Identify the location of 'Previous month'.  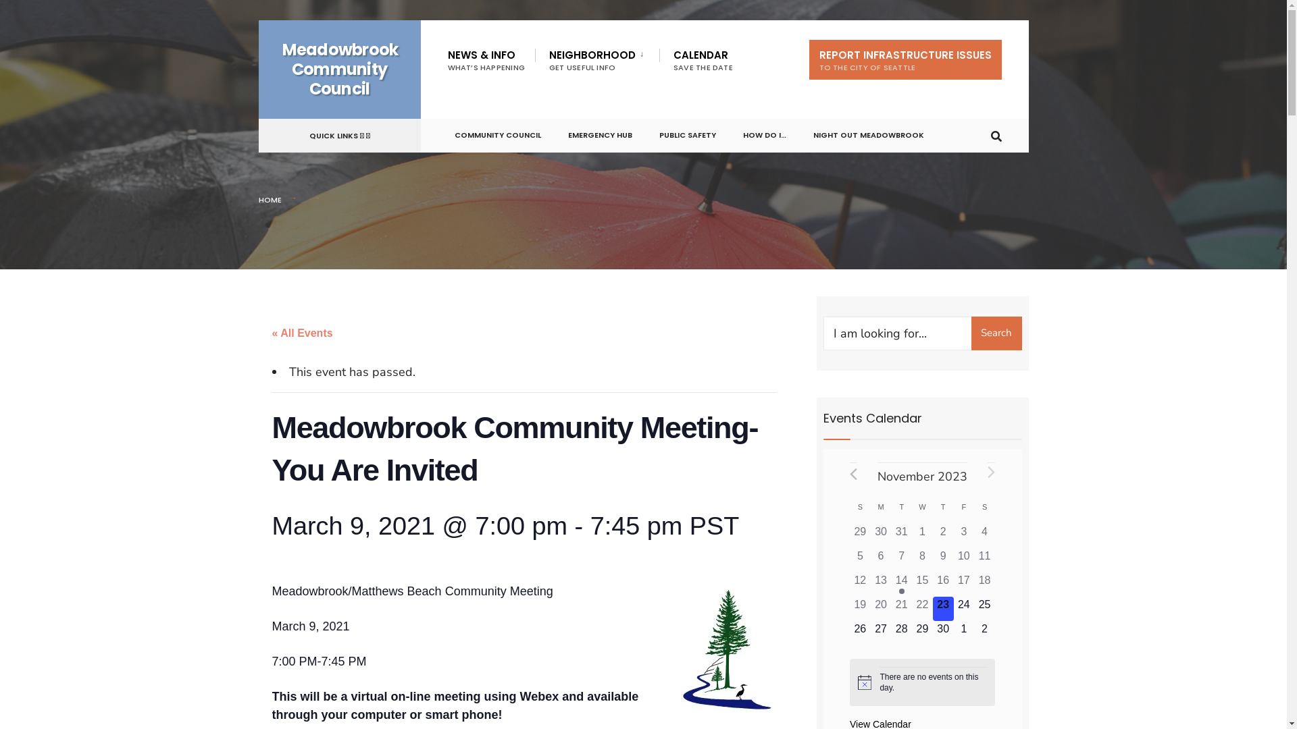
(848, 473).